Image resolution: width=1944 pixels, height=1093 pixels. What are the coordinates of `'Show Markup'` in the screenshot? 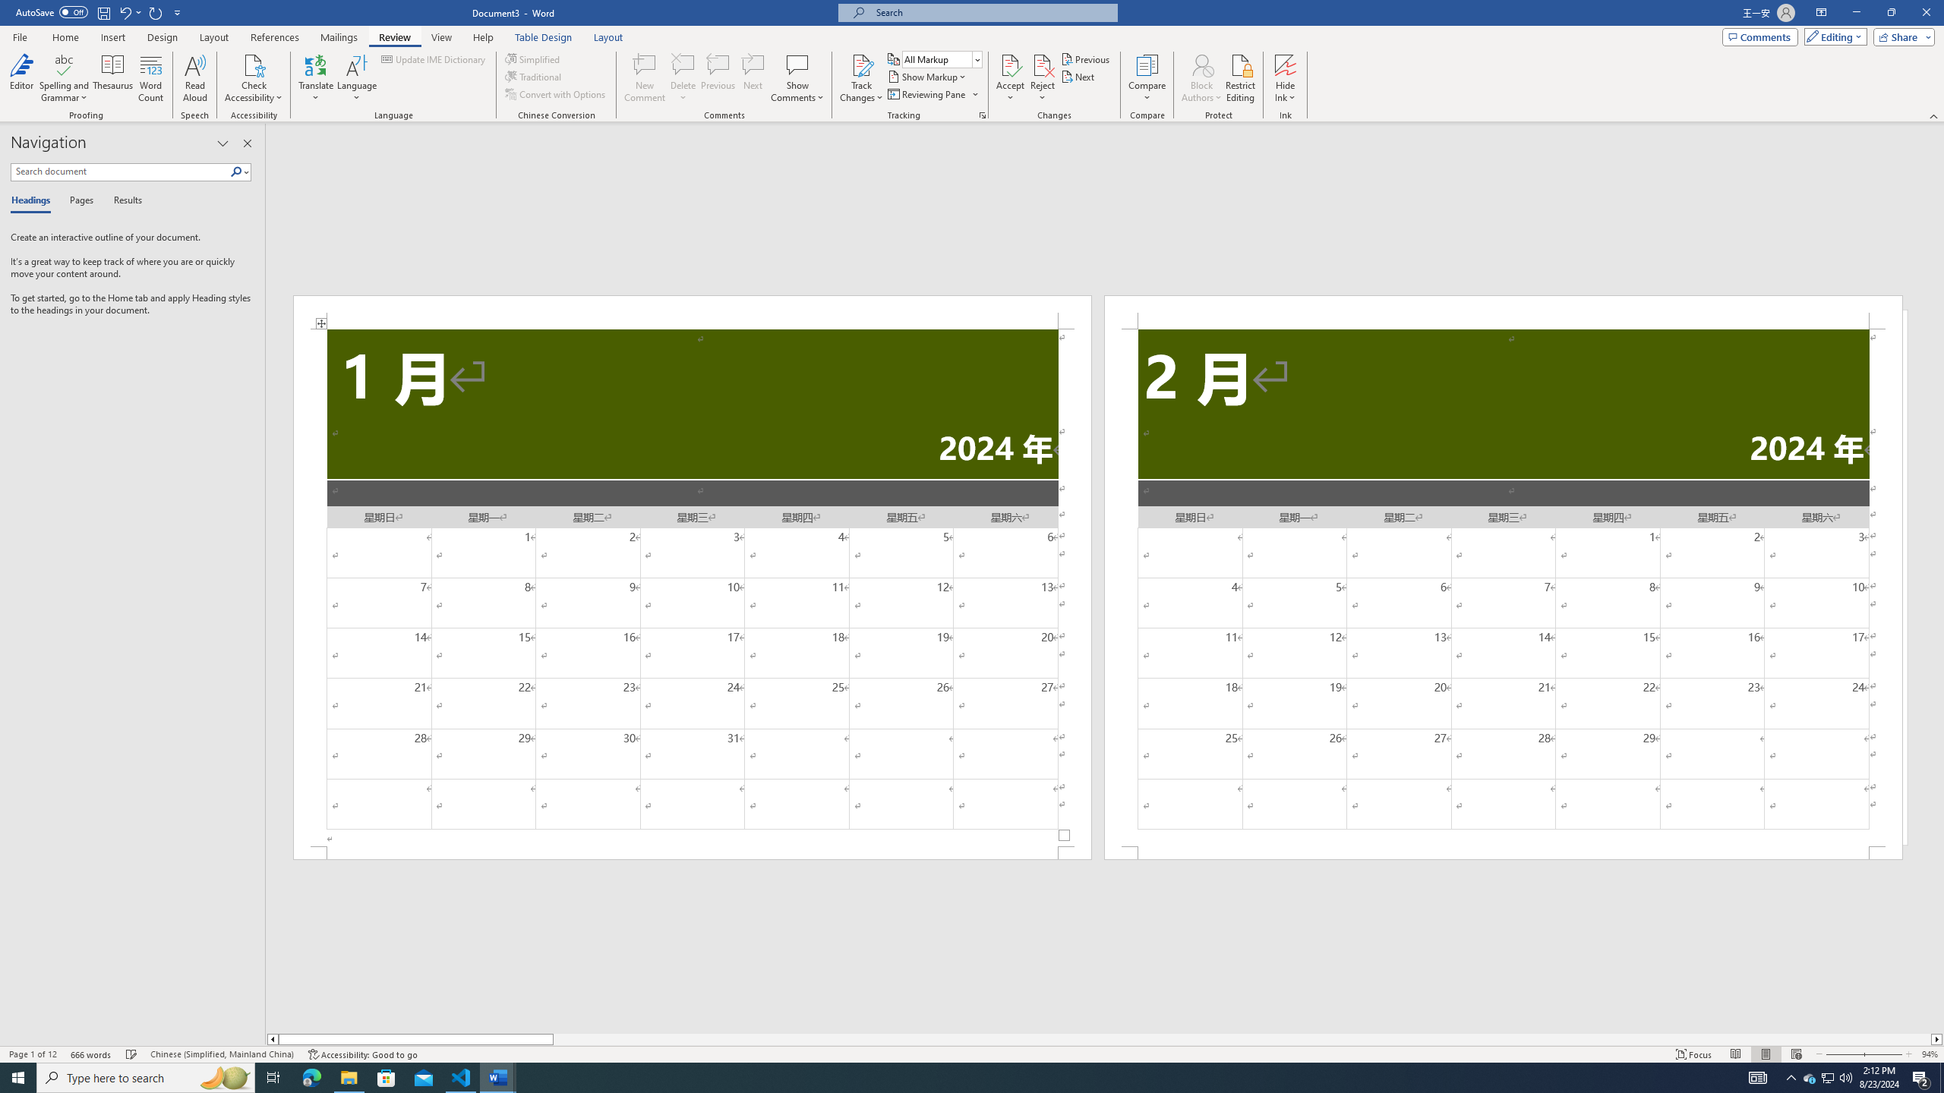 It's located at (928, 75).